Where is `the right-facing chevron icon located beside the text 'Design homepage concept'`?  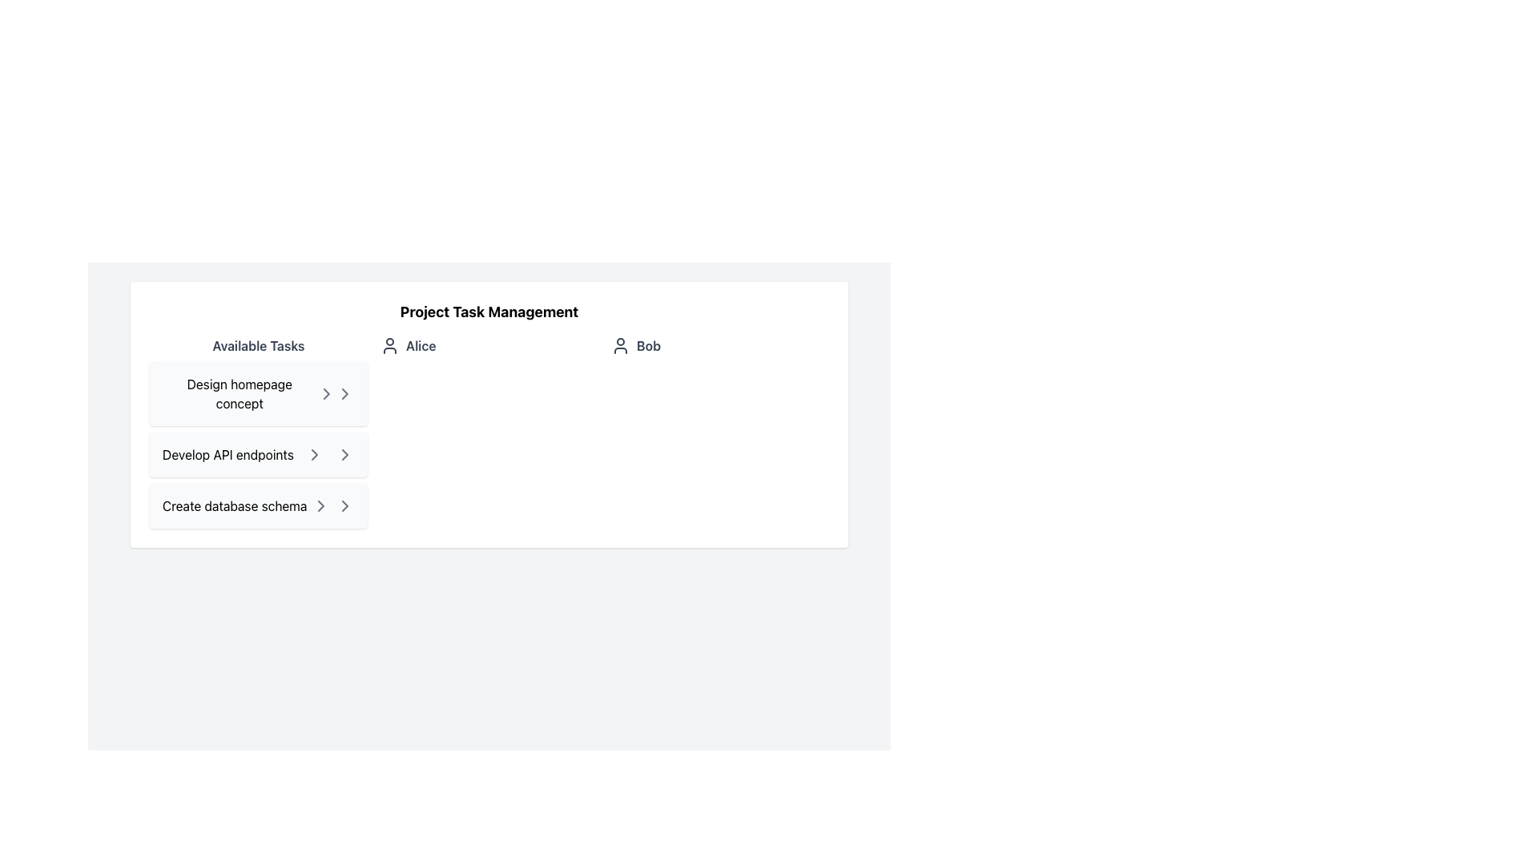
the right-facing chevron icon located beside the text 'Design homepage concept' is located at coordinates (344, 394).